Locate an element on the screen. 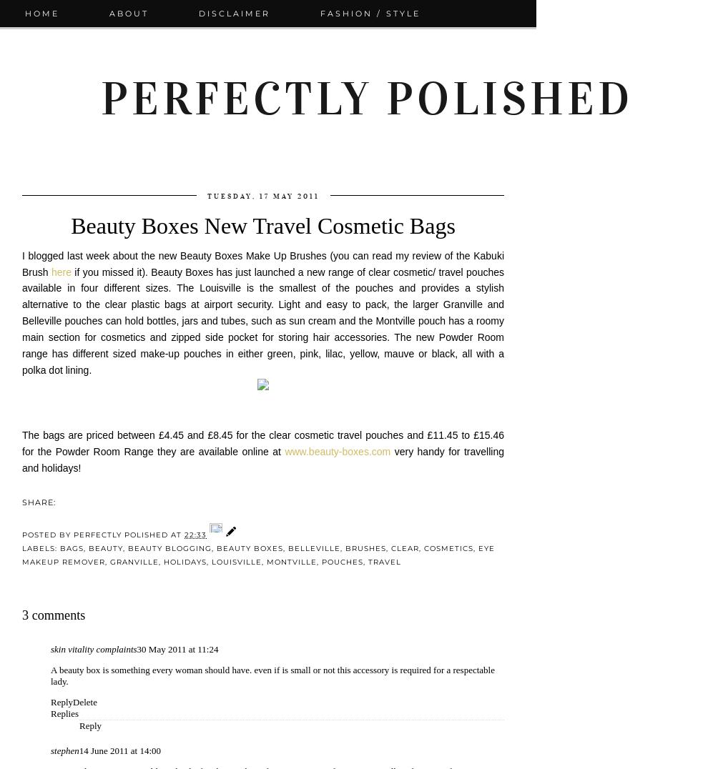 The width and height of the screenshot is (728, 769). 'The bags are priced between £4.45 and £8.45 for the clear cosmetic travel pouches and £11.45 to £15.46 for the Powder Room Range they are available online at' is located at coordinates (263, 443).